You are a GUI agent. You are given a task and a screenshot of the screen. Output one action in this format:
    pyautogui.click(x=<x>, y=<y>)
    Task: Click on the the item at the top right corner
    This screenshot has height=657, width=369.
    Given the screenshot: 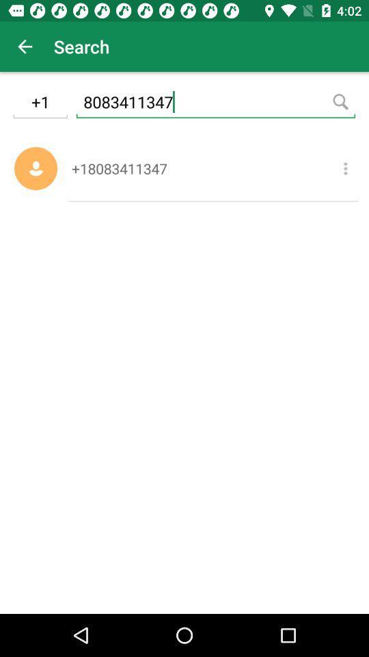 What is the action you would take?
    pyautogui.click(x=344, y=168)
    